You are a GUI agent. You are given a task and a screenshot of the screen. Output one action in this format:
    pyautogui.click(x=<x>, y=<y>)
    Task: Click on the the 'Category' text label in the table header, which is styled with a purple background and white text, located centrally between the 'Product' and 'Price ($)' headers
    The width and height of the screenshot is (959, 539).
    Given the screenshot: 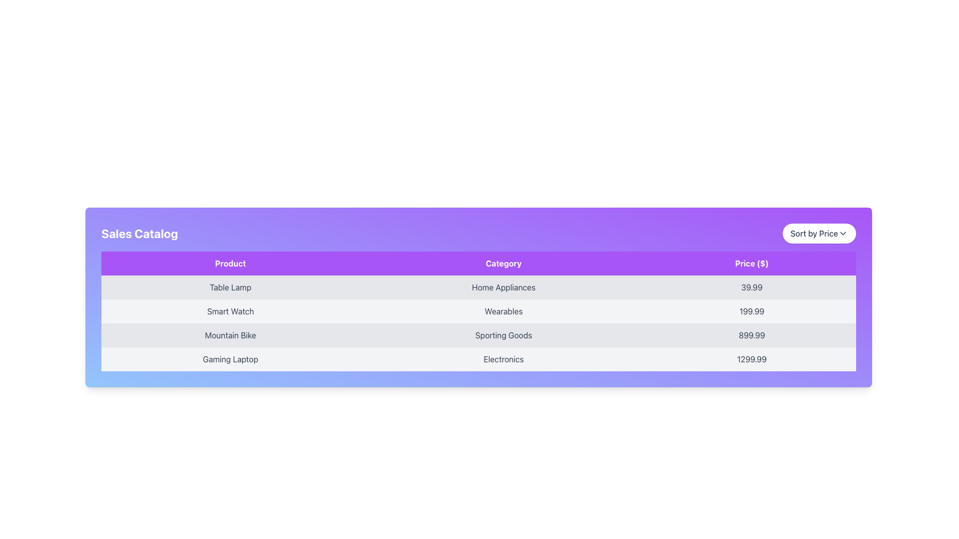 What is the action you would take?
    pyautogui.click(x=503, y=263)
    